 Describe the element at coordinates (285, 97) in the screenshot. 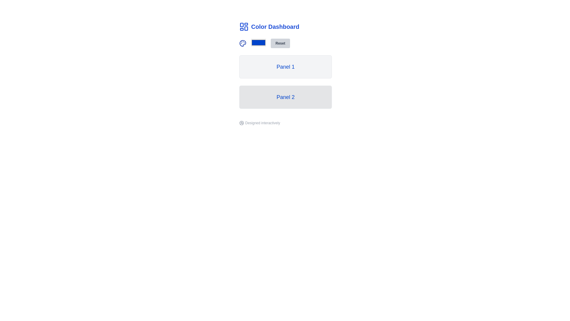

I see `the rectangular panel with rounded corners and a blue text label reading 'Panel 2' to interact with it` at that location.